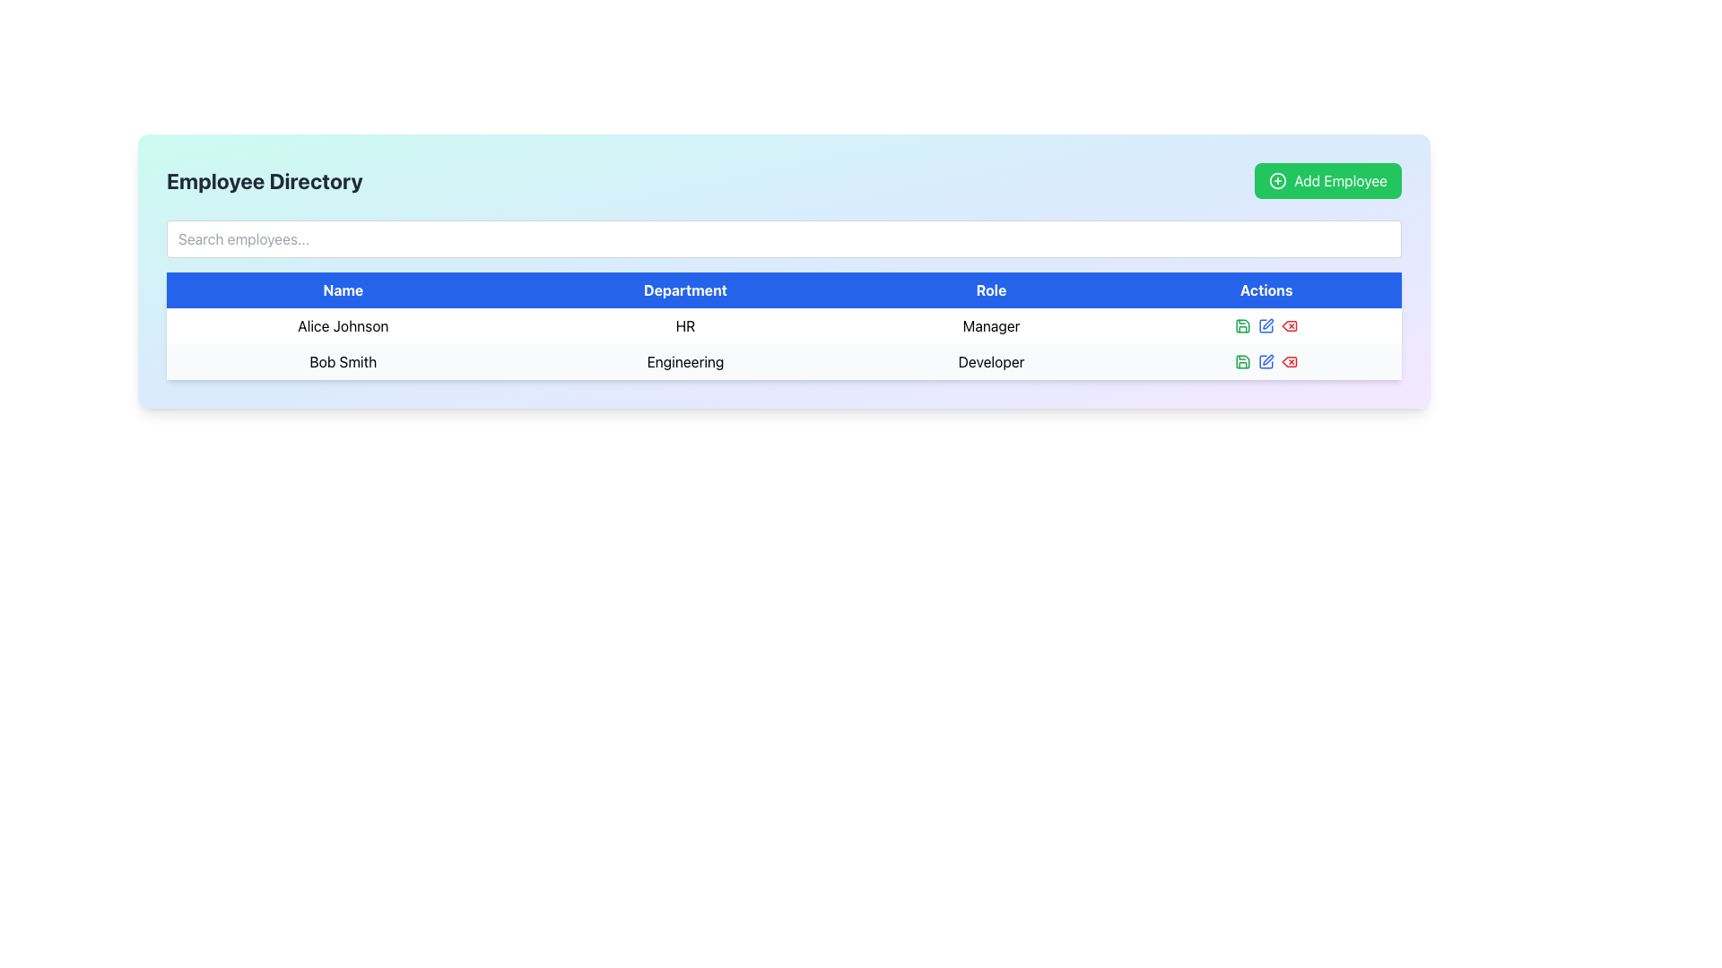  I want to click on the delete button in the 'Actions' column for the row associated with the 'Manager' role, so click(1289, 325).